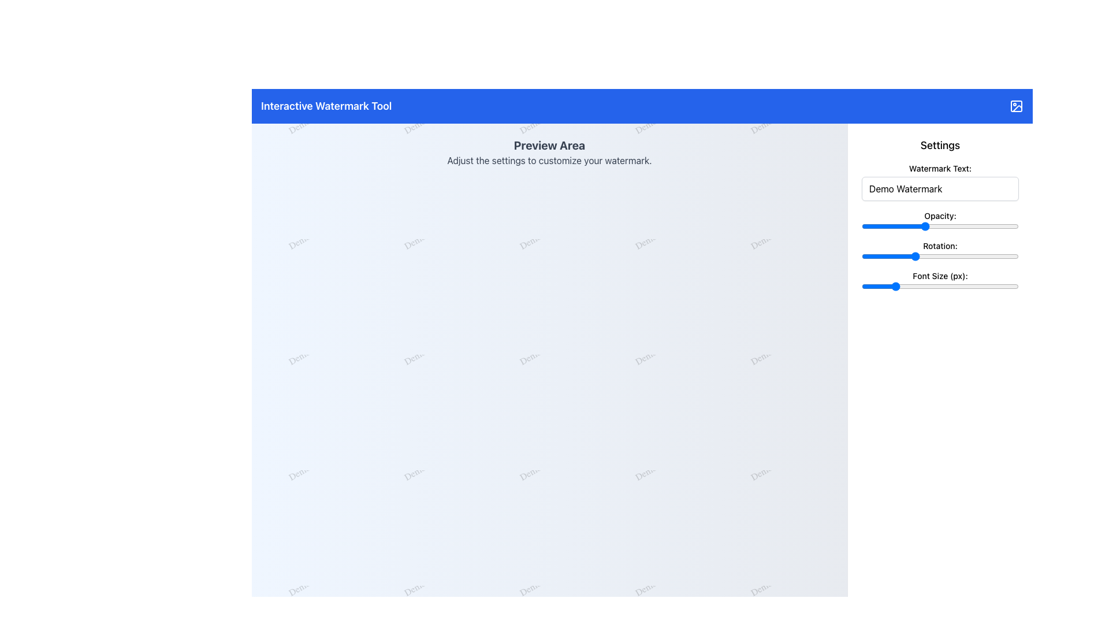 The width and height of the screenshot is (1109, 624). Describe the element at coordinates (1014, 255) in the screenshot. I see `rotation` at that location.